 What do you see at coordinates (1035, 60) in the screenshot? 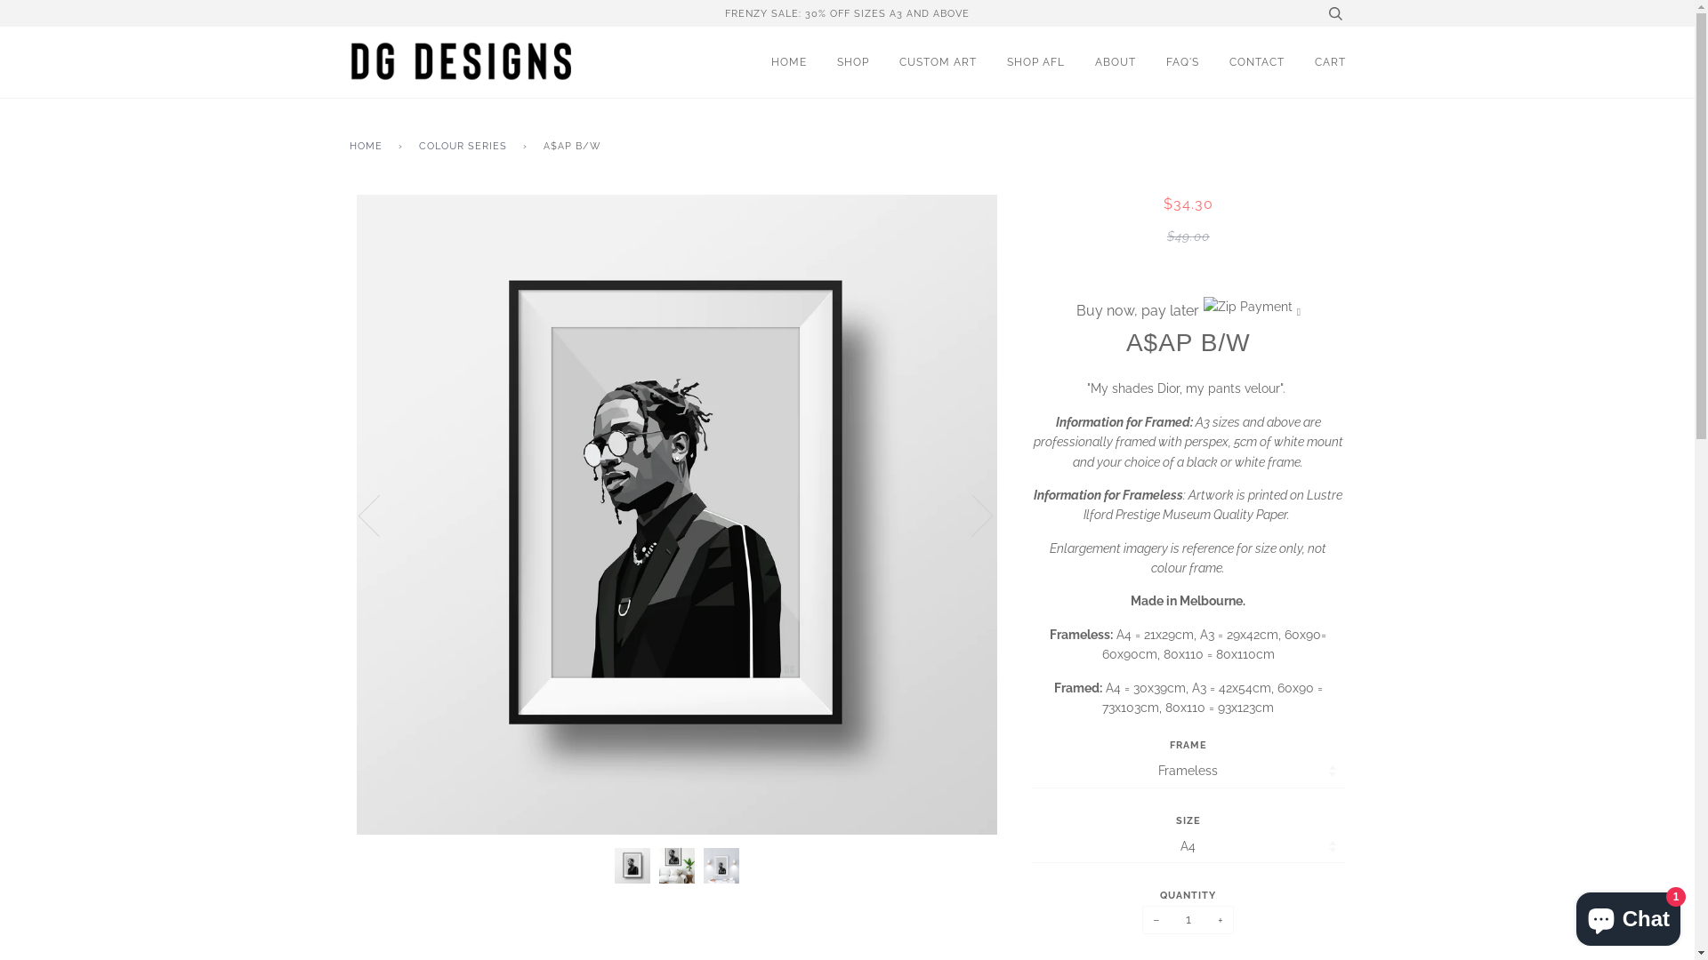
I see `'SHOP AFL'` at bounding box center [1035, 60].